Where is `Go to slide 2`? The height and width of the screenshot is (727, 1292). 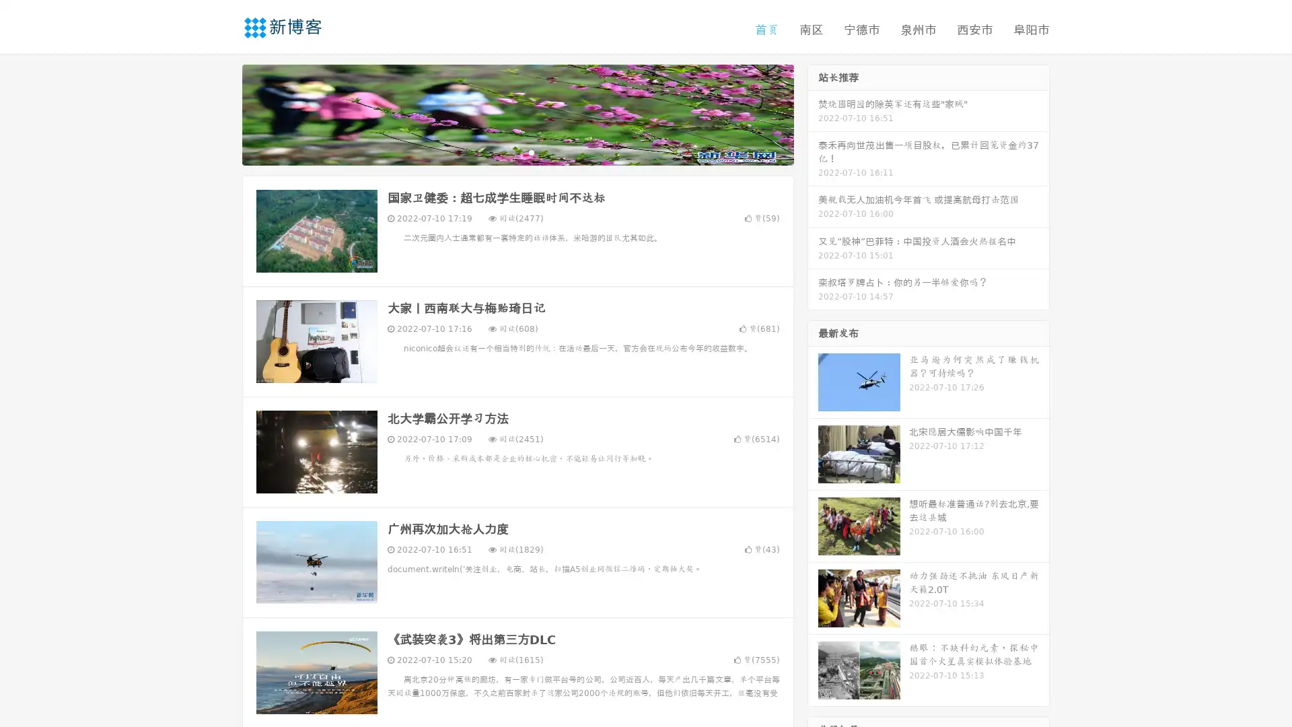
Go to slide 2 is located at coordinates (517, 151).